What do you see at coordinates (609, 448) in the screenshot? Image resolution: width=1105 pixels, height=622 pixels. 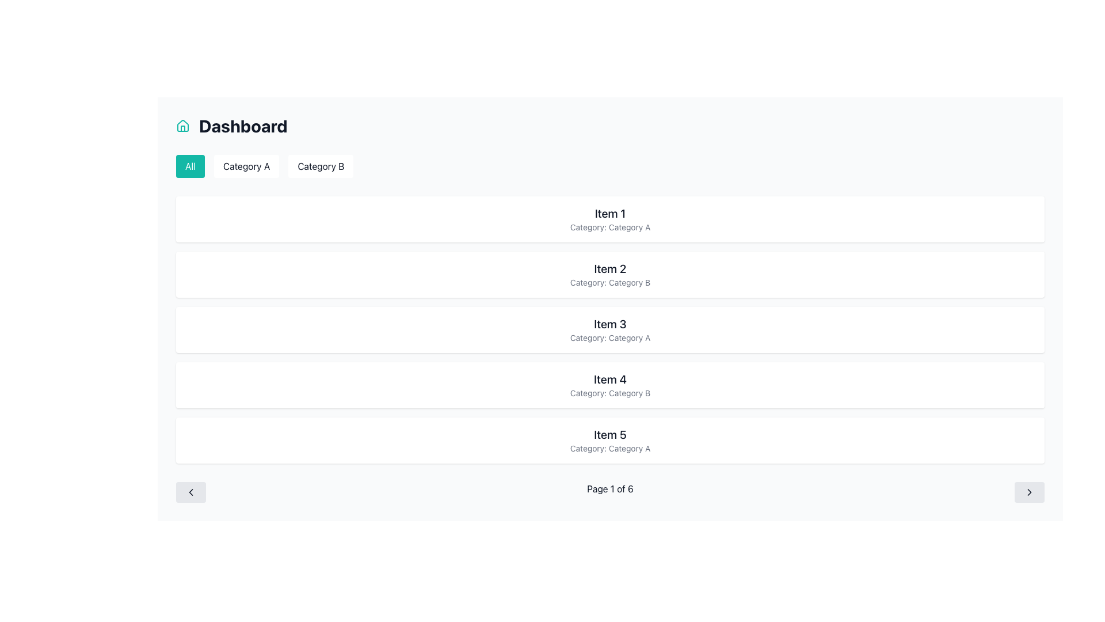 I see `the text label that reads 'Category: Category A' located within the card labeled 'Item 5', which is the second piece of text in that card` at bounding box center [609, 448].